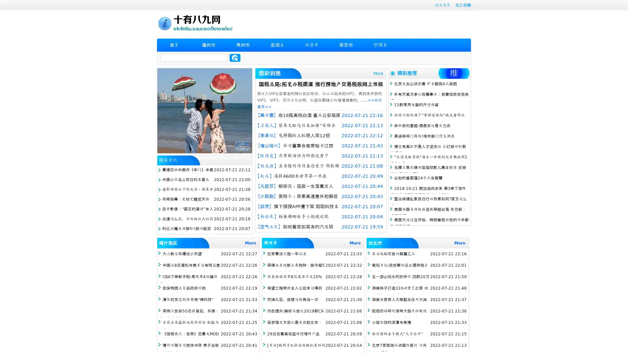 The height and width of the screenshot is (353, 628). I want to click on Search, so click(235, 58).